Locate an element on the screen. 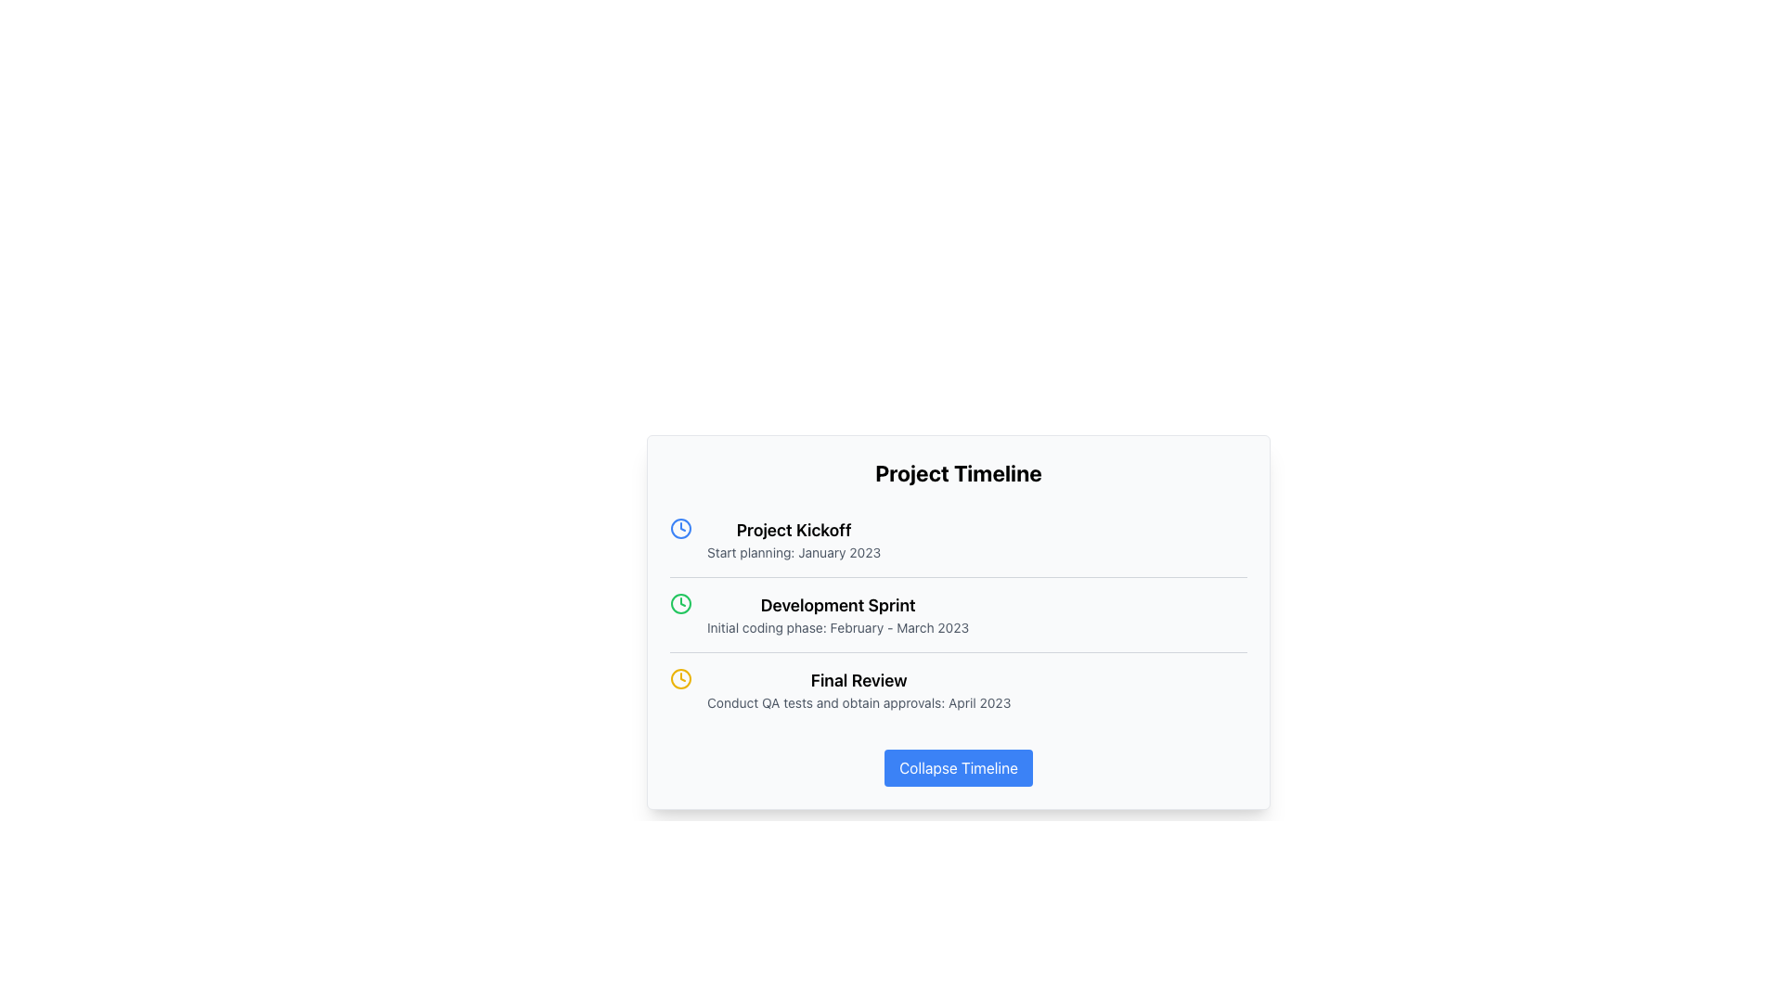  the analog clock icon, which has a green circular outline and is positioned to the left of the text 'Development Sprint' is located at coordinates (680, 604).